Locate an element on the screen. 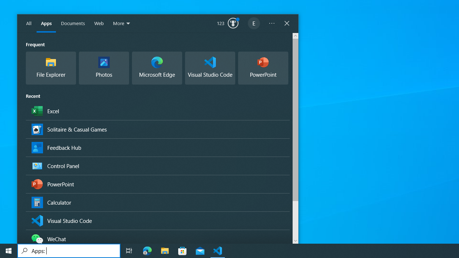 This screenshot has height=258, width=459. 'Documents' is located at coordinates (73, 23).